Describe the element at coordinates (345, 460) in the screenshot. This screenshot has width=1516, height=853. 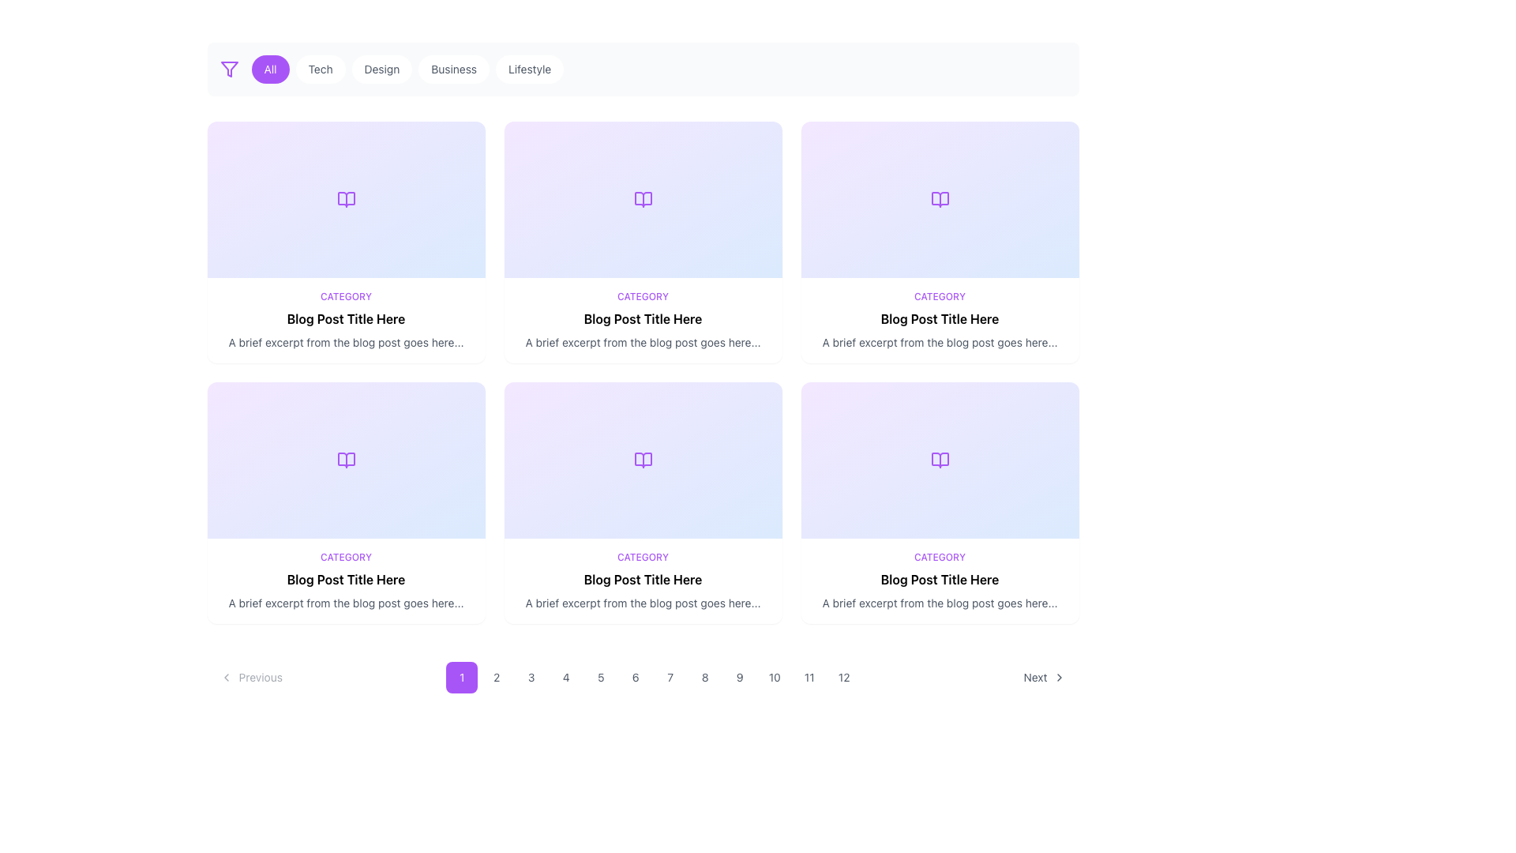
I see `the book icon located in the second row, first card of a 3x2 grid layout, which represents content related to reading or blogs` at that location.